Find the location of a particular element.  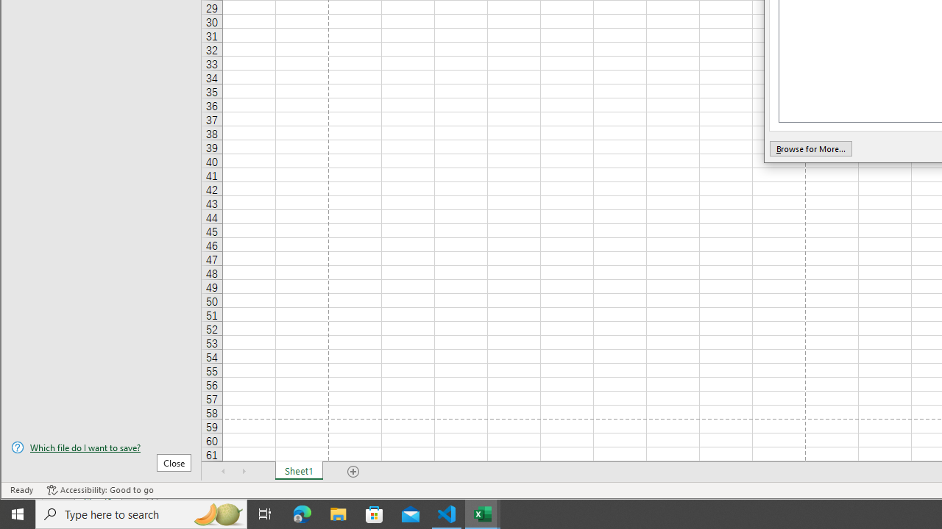

'Visual Studio Code - 1 running window' is located at coordinates (446, 513).